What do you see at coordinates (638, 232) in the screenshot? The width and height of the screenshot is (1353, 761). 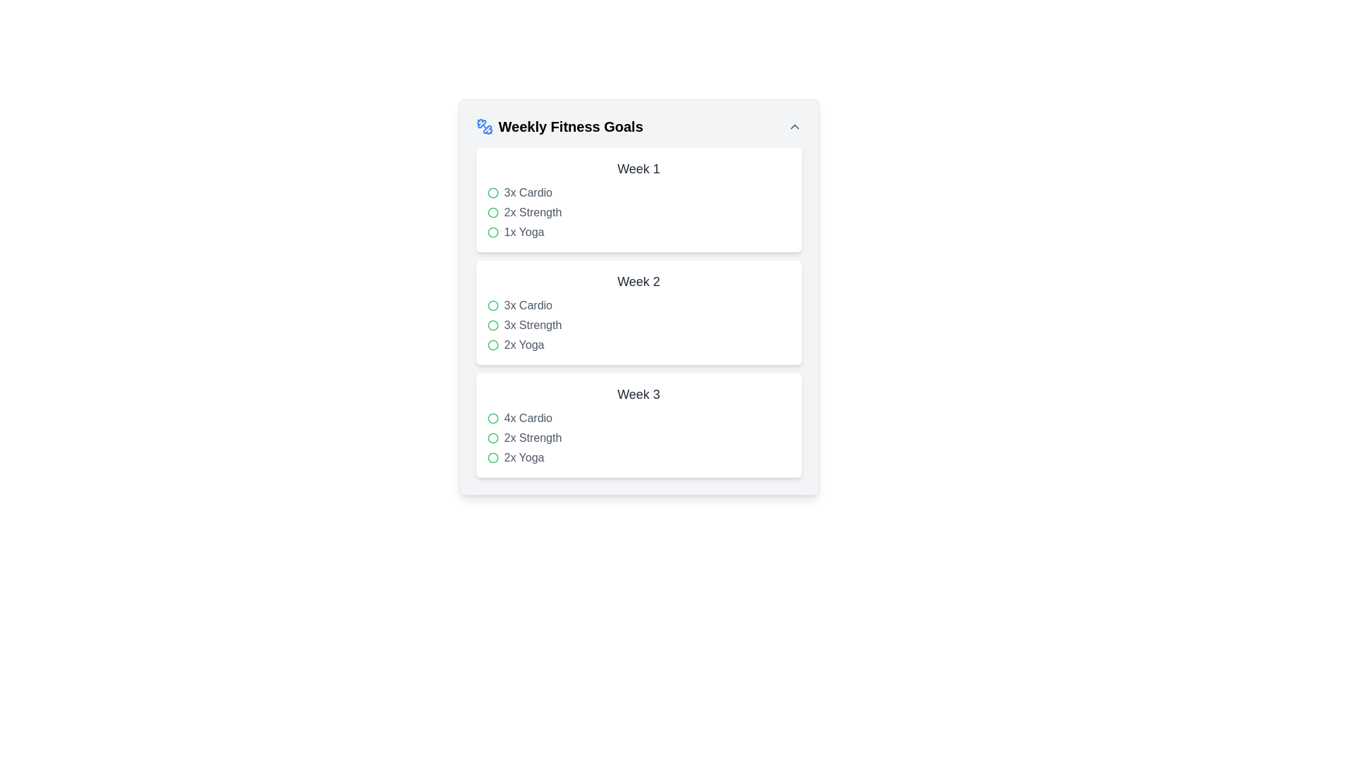 I see `or tap on the list item labeled '1x Yoga'` at bounding box center [638, 232].